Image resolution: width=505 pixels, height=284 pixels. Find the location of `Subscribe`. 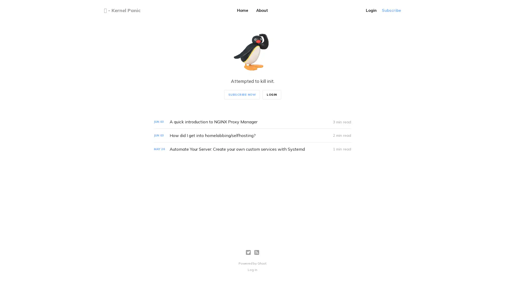

Subscribe is located at coordinates (391, 10).